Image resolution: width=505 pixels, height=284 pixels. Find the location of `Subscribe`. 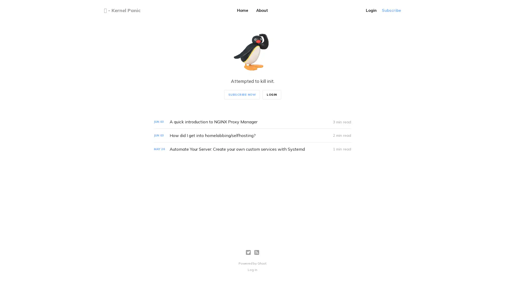

Subscribe is located at coordinates (391, 10).